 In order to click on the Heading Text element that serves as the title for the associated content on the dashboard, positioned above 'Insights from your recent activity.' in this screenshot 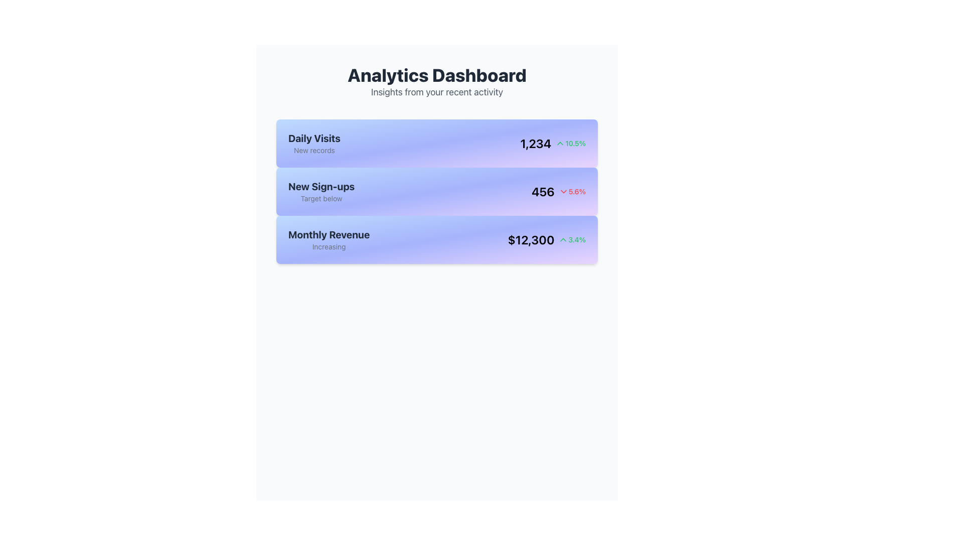, I will do `click(437, 75)`.